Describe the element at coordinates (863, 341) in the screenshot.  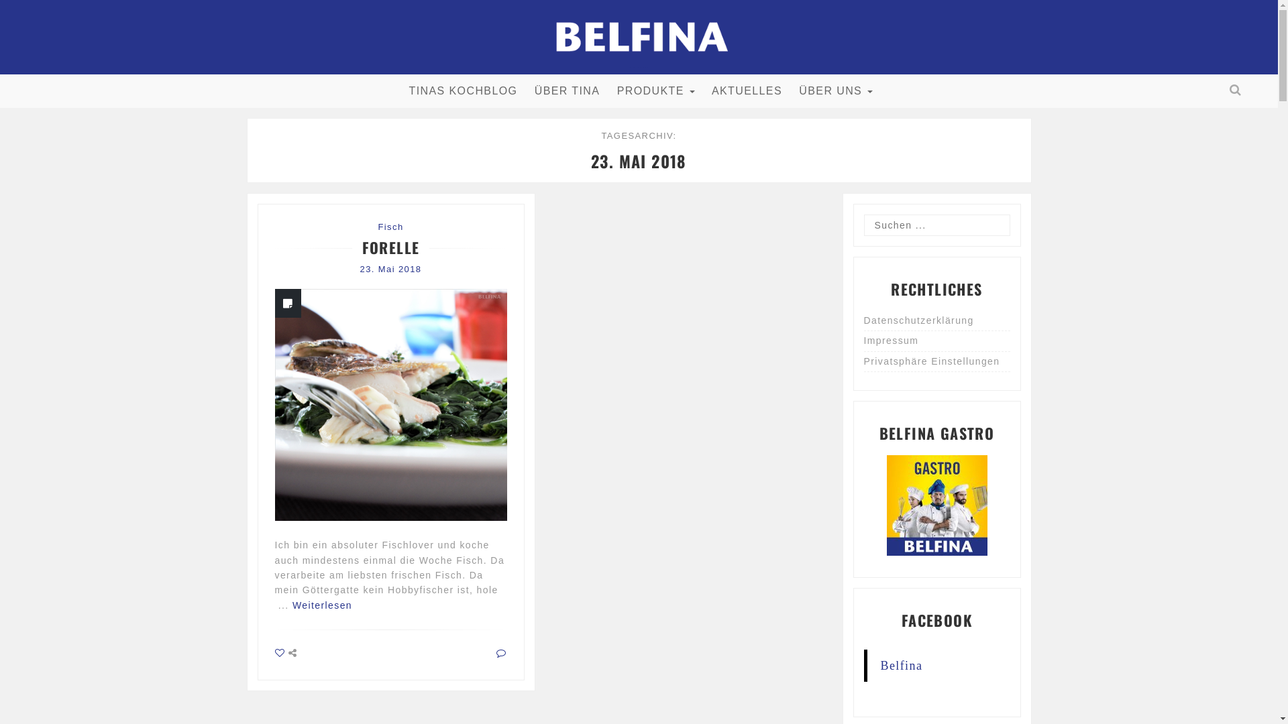
I see `'Impressum'` at that location.